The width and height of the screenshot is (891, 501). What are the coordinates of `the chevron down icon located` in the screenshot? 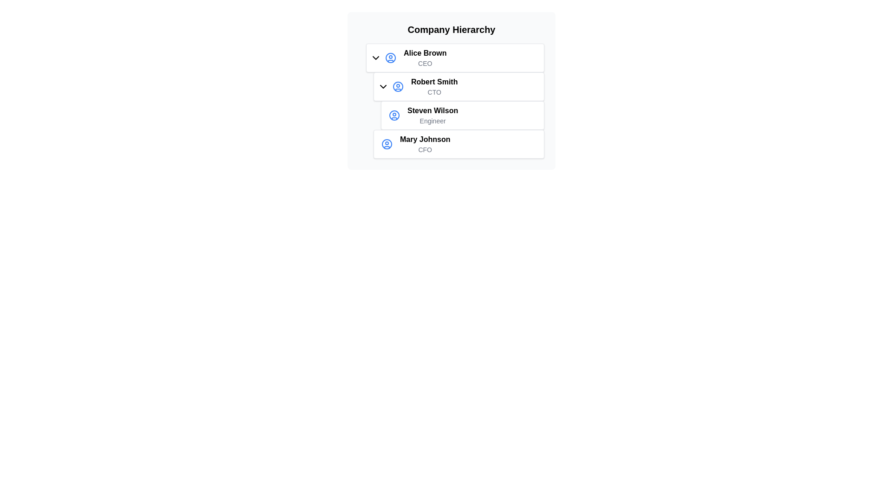 It's located at (383, 86).